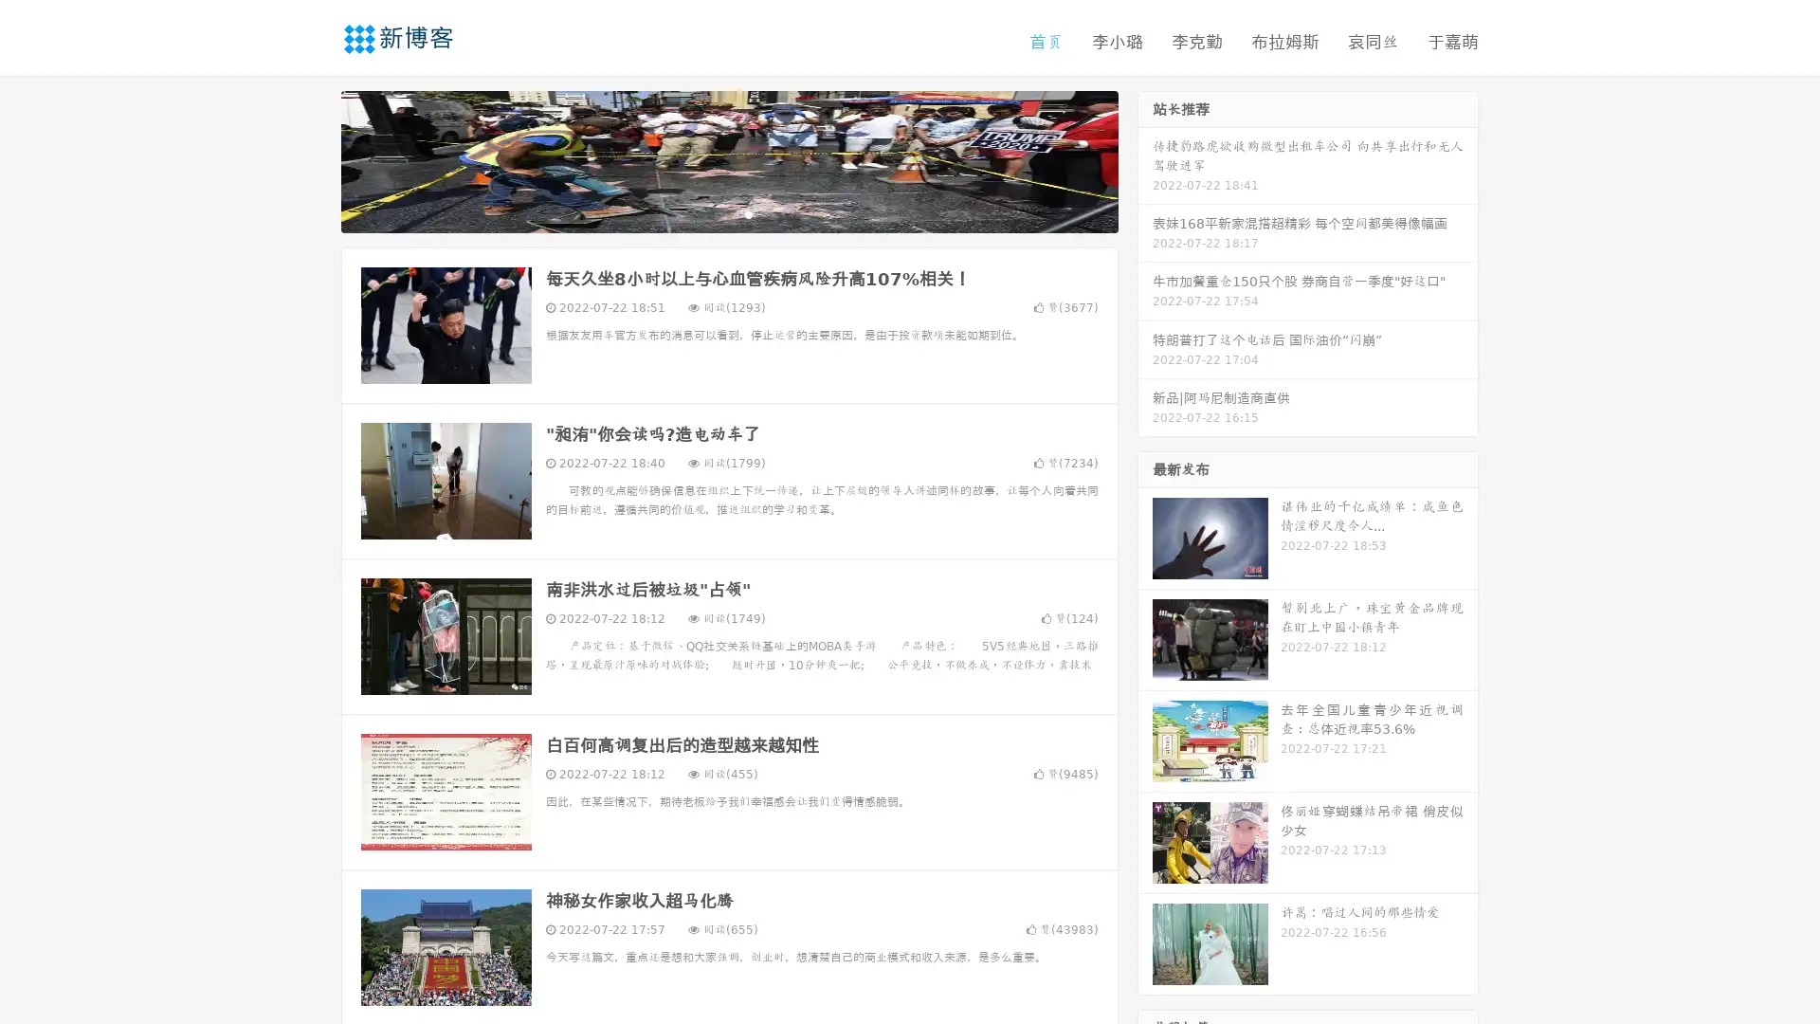 Image resolution: width=1820 pixels, height=1024 pixels. I want to click on Next slide, so click(1145, 159).